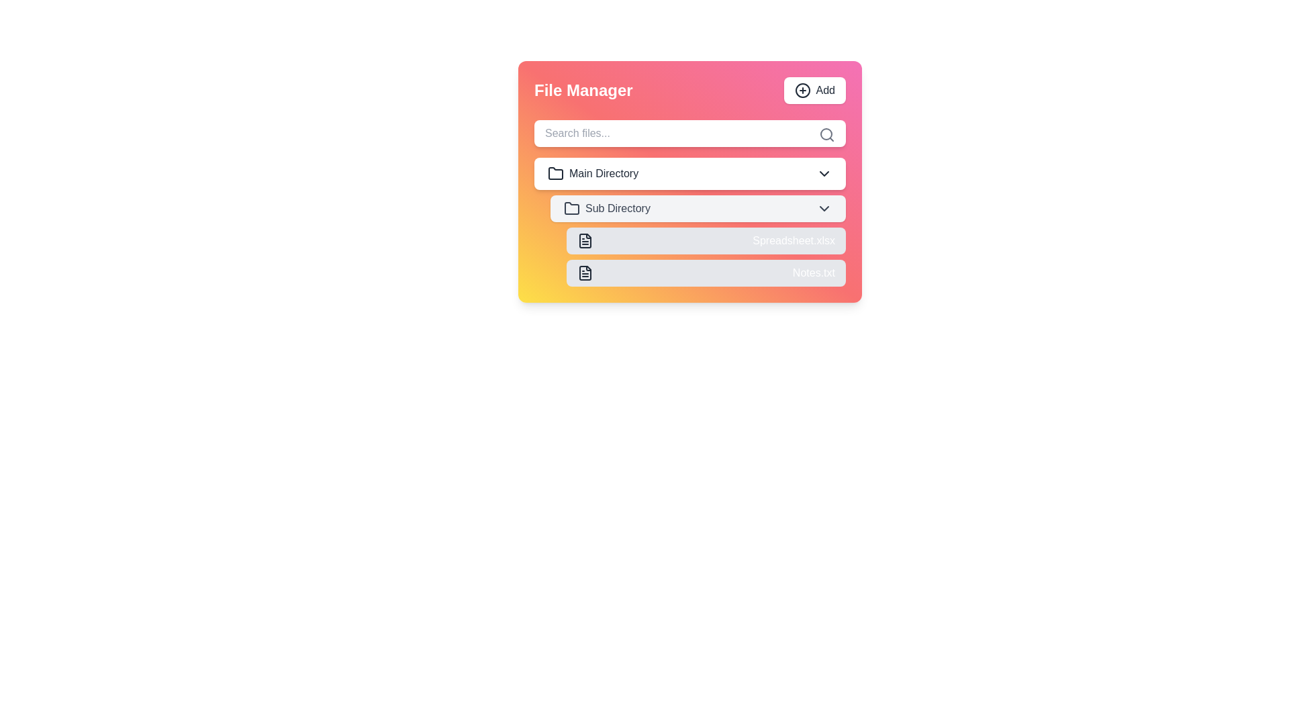 The image size is (1289, 725). I want to click on the icon located to the far right of the 'Sub Directory' row, so click(824, 209).